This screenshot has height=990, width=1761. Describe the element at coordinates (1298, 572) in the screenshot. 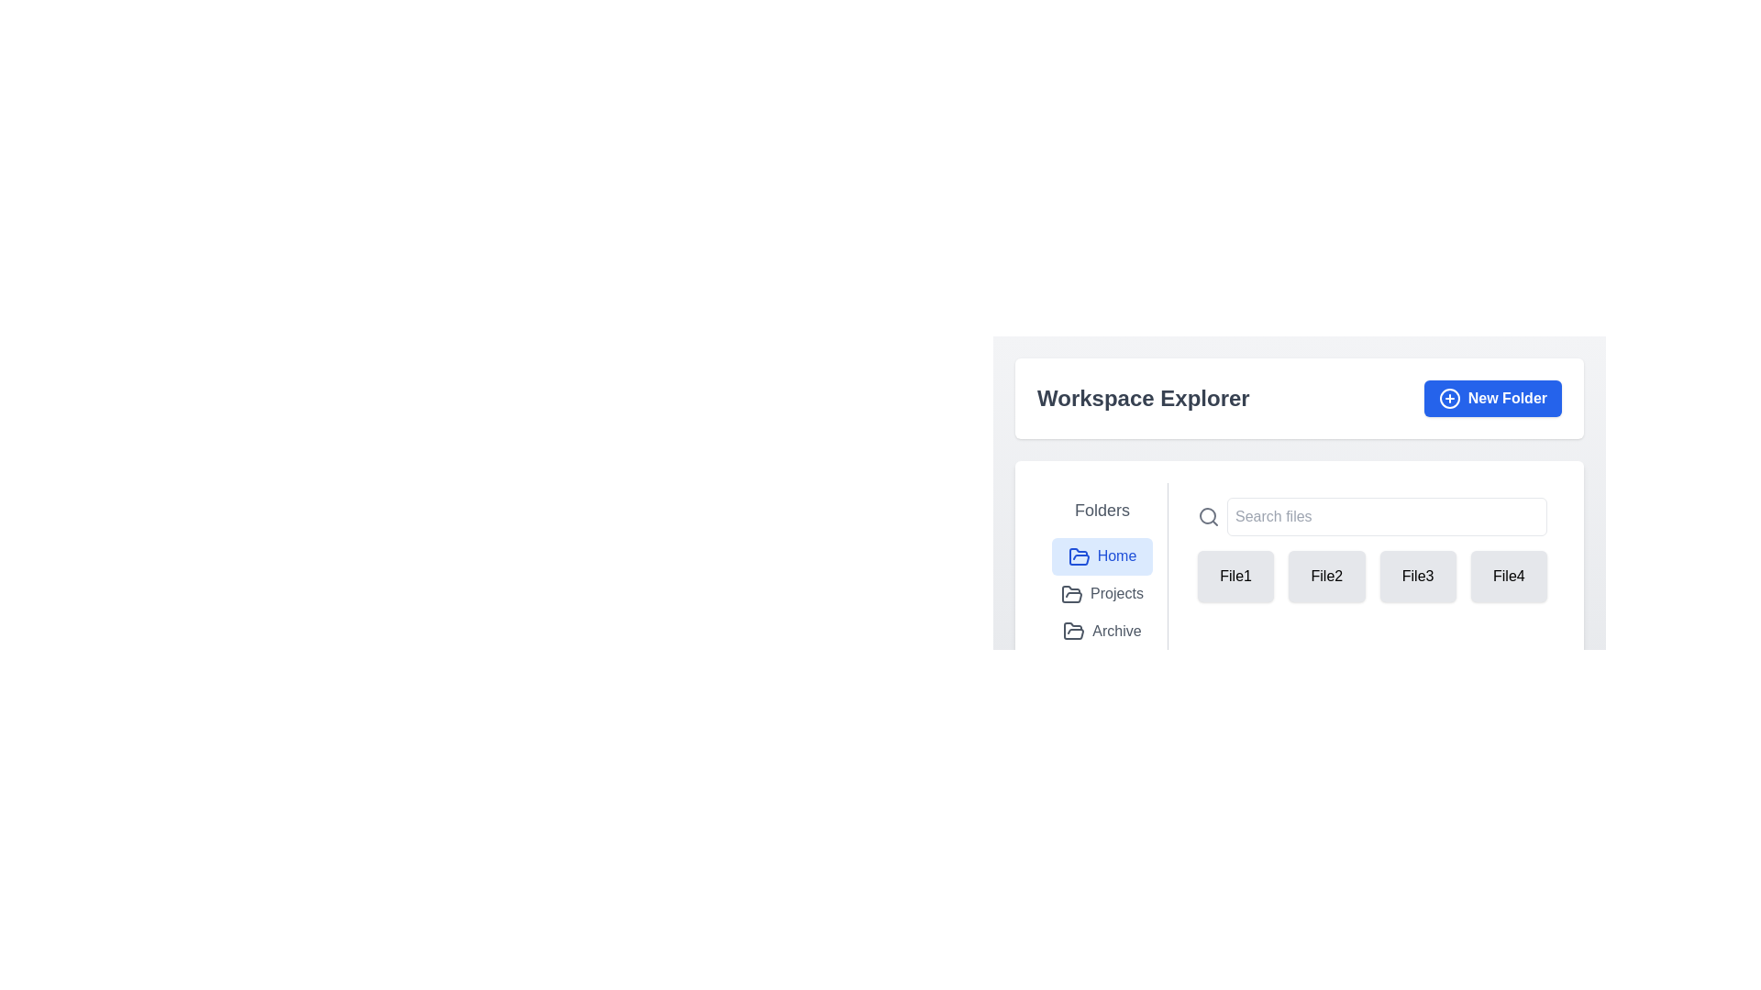

I see `the interactive button labeled 'File2' which is a pale gray rectangular section with rounded corners, located in the file list grid` at that location.